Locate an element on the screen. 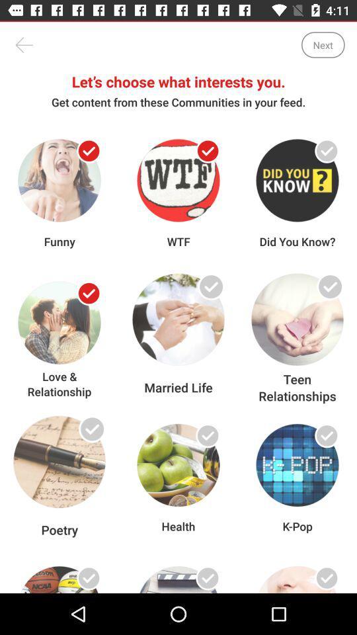  choose video as interest is located at coordinates (326, 577).